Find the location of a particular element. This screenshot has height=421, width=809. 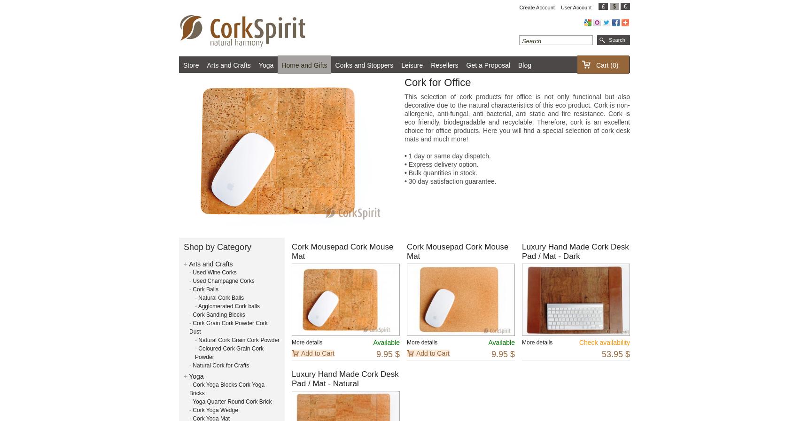

'Yoga' is located at coordinates (196, 376).